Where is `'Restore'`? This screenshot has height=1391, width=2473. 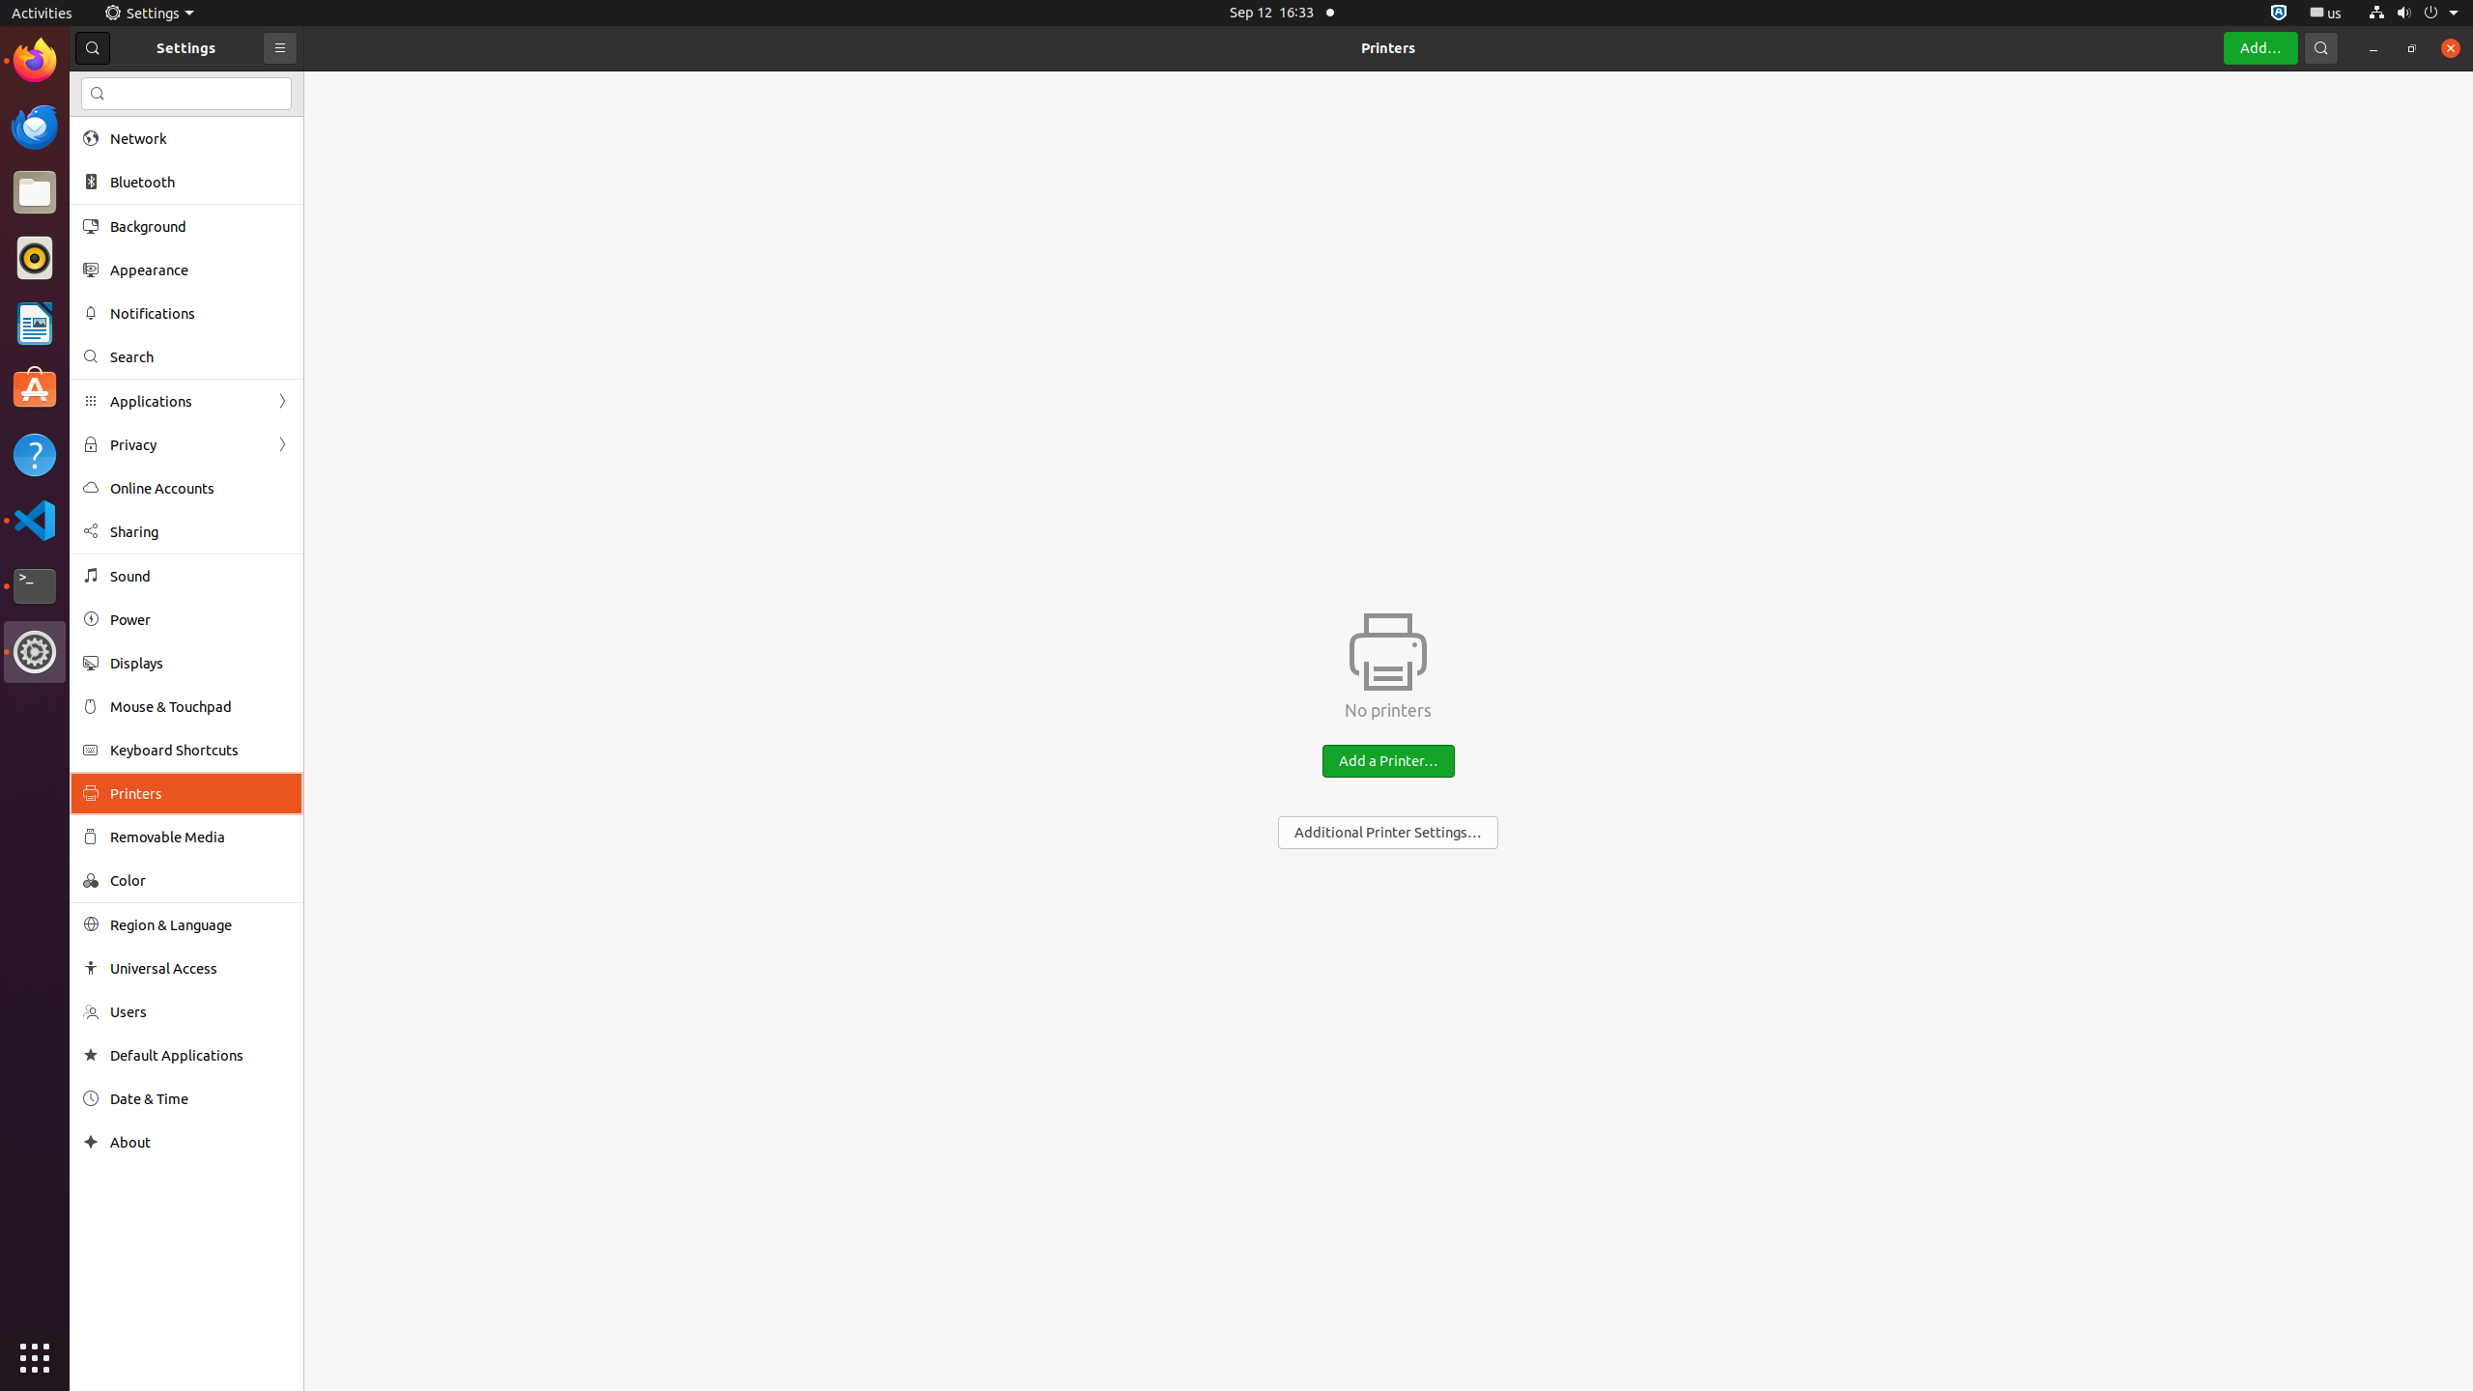
'Restore' is located at coordinates (2411, 47).